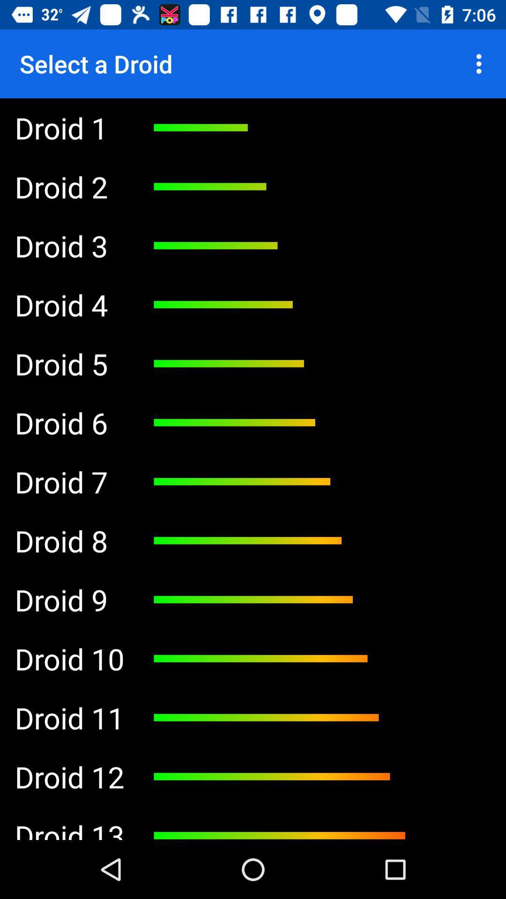  What do you see at coordinates (481, 63) in the screenshot?
I see `icon at the top right corner` at bounding box center [481, 63].